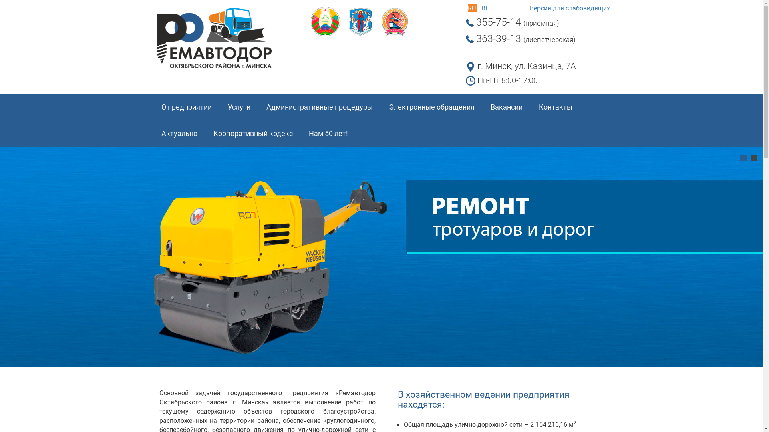  Describe the element at coordinates (473, 8) in the screenshot. I see `'RU'` at that location.